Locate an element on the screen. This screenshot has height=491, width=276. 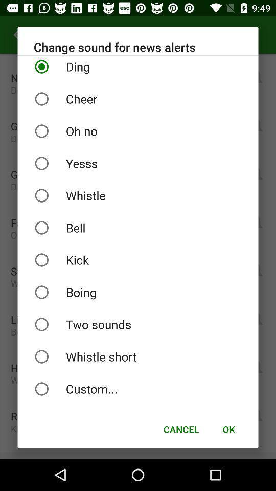
the icon at the bottom right corner is located at coordinates (228, 429).